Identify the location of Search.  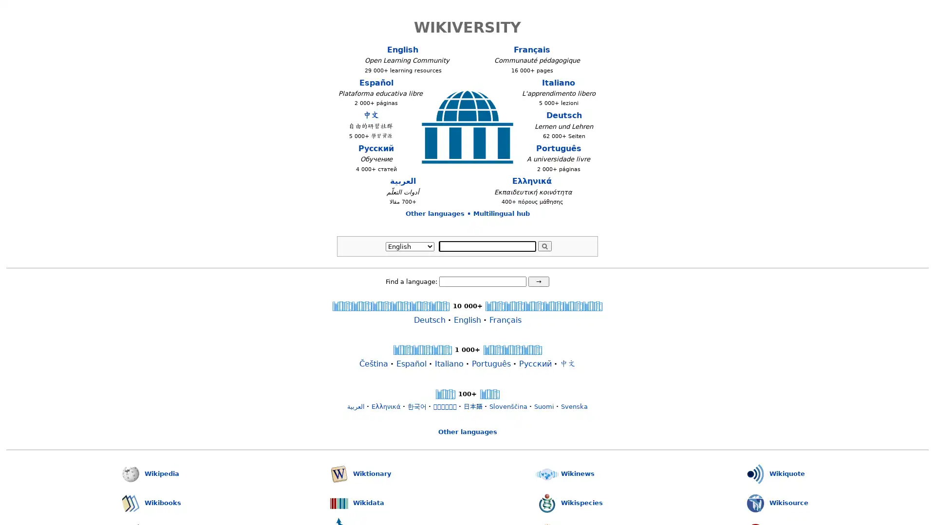
(544, 245).